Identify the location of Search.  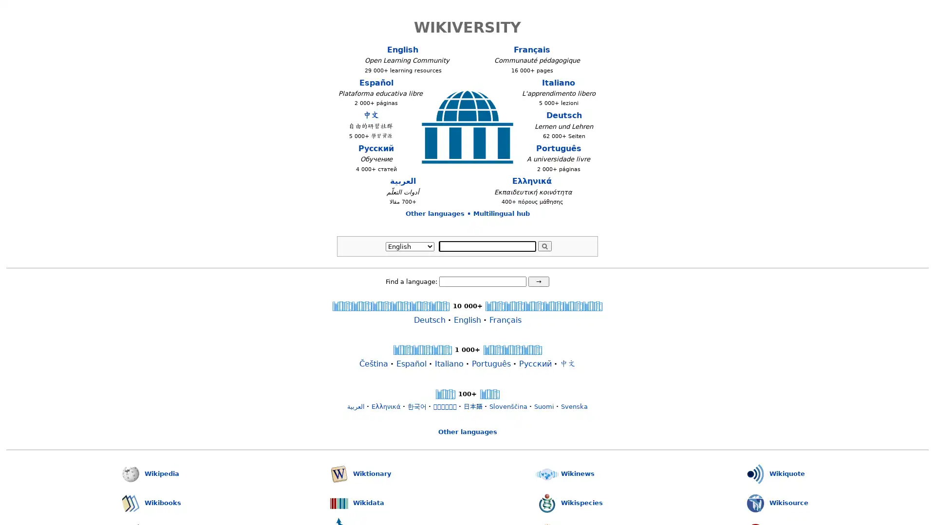
(544, 245).